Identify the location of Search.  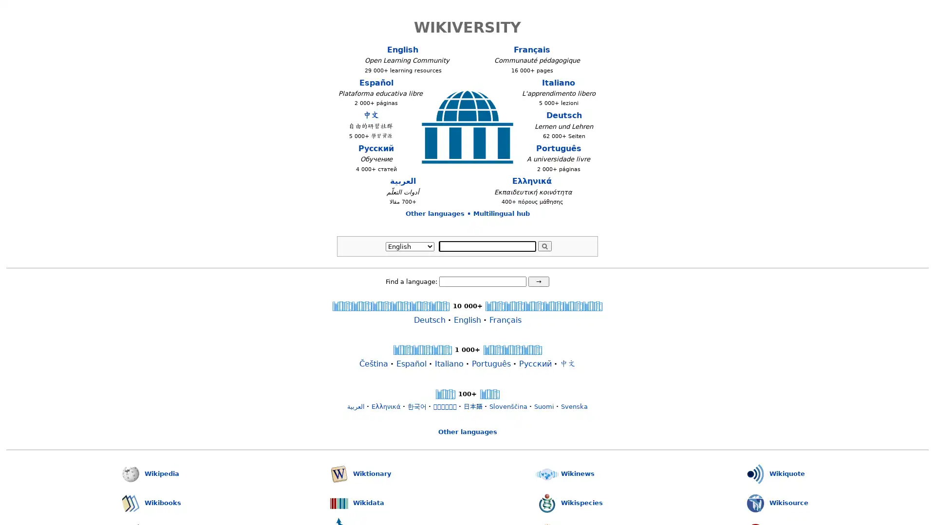
(544, 245).